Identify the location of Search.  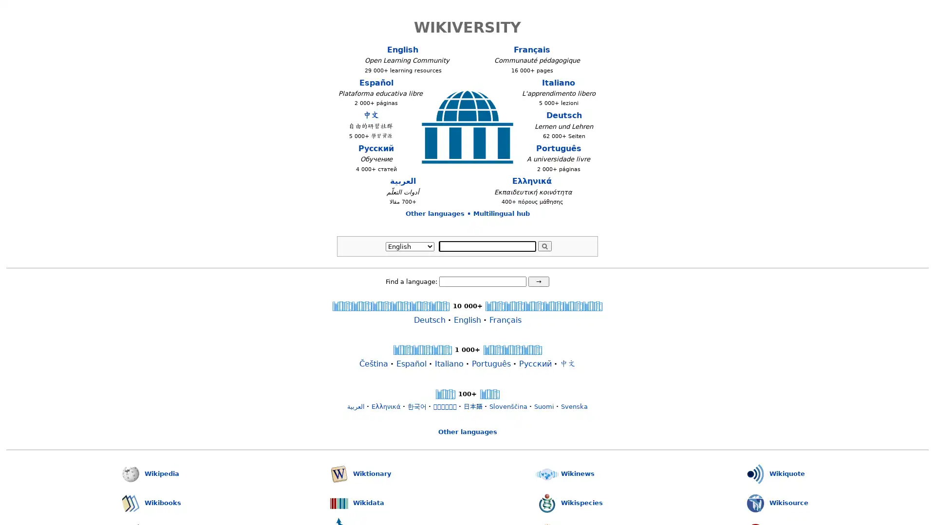
(544, 245).